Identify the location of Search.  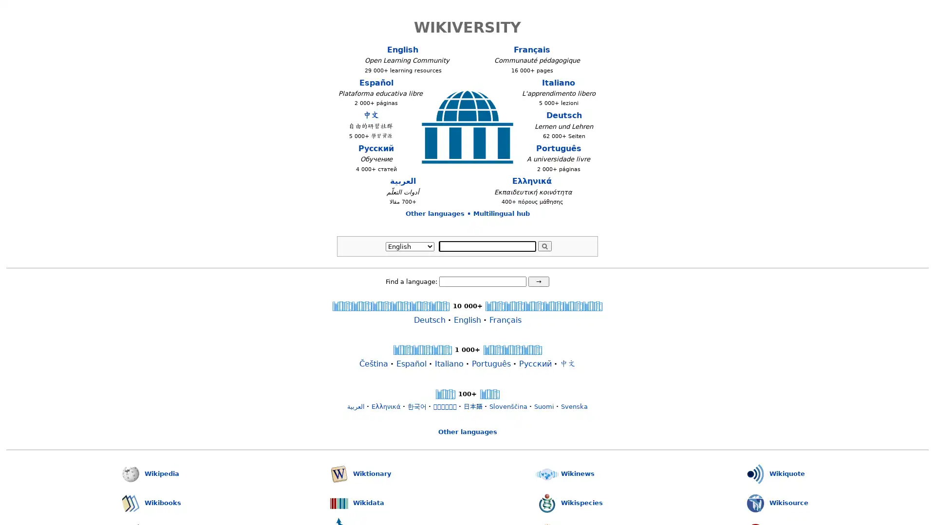
(544, 245).